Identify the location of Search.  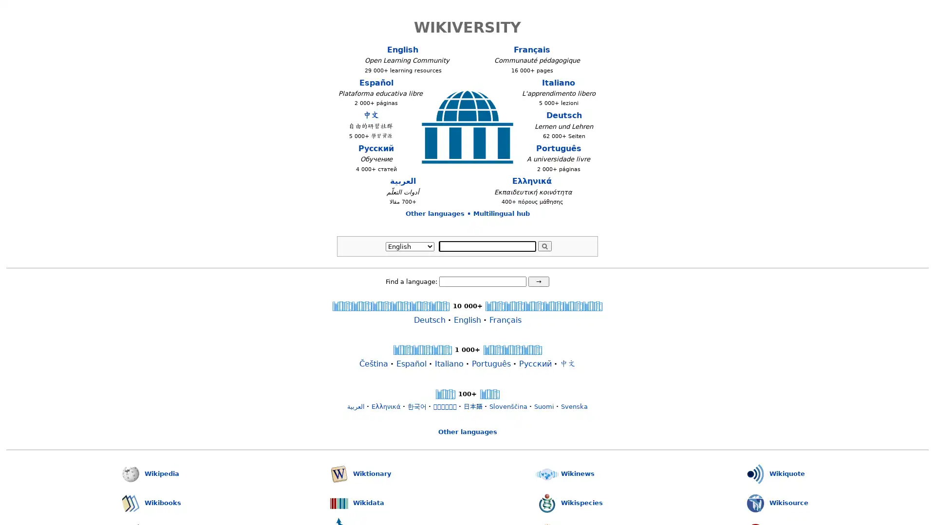
(544, 245).